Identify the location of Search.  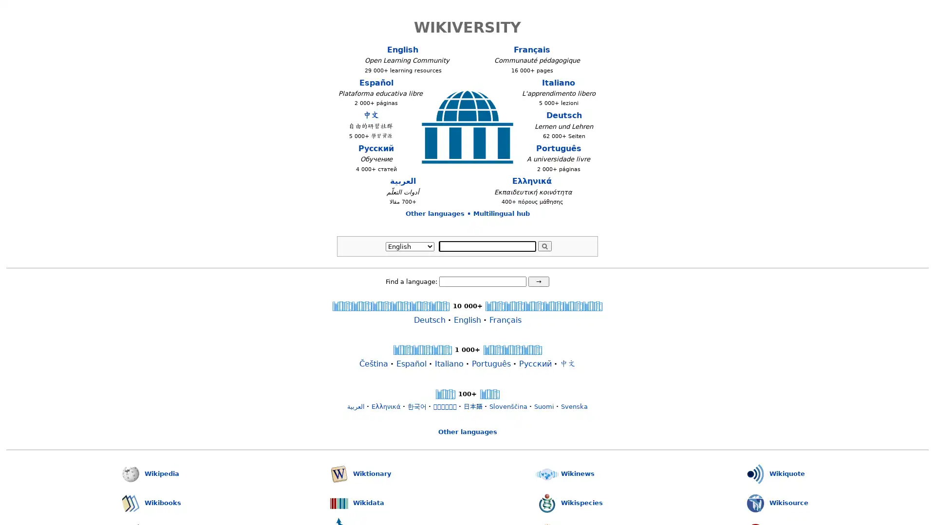
(544, 245).